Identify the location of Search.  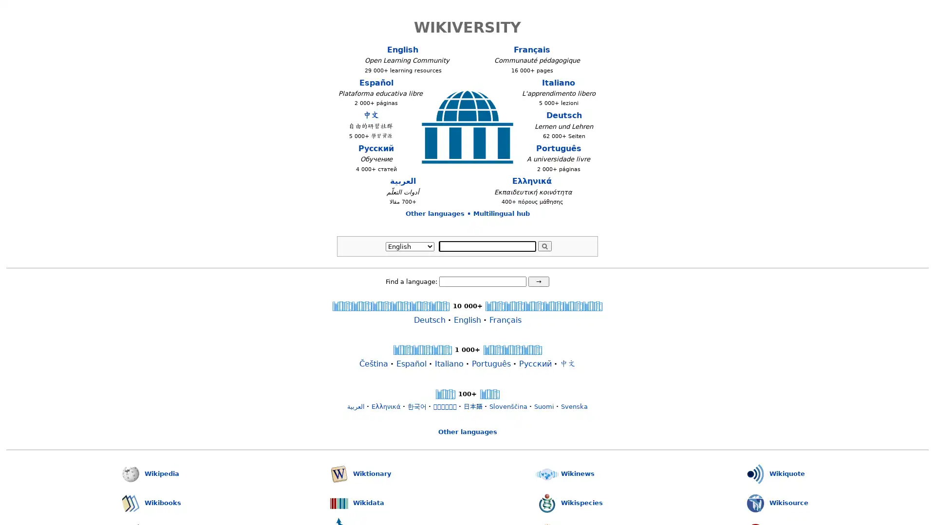
(544, 245).